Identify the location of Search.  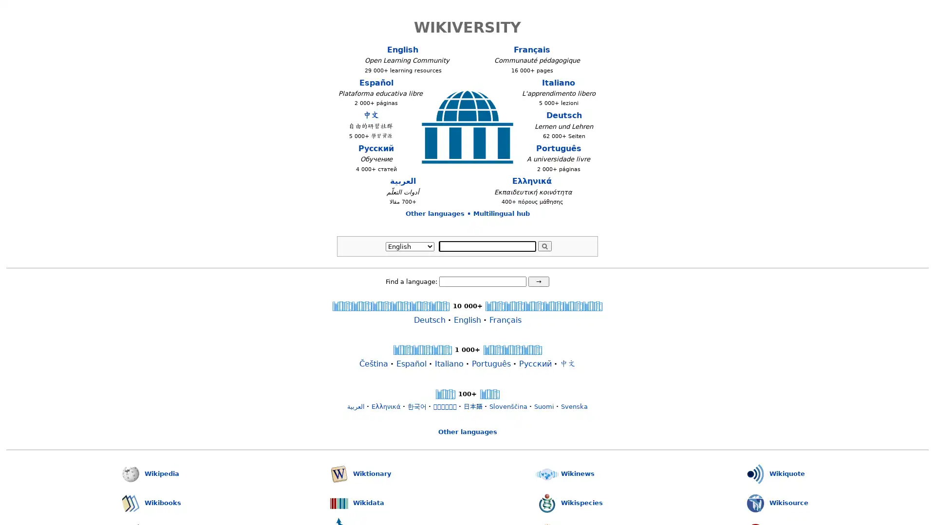
(544, 245).